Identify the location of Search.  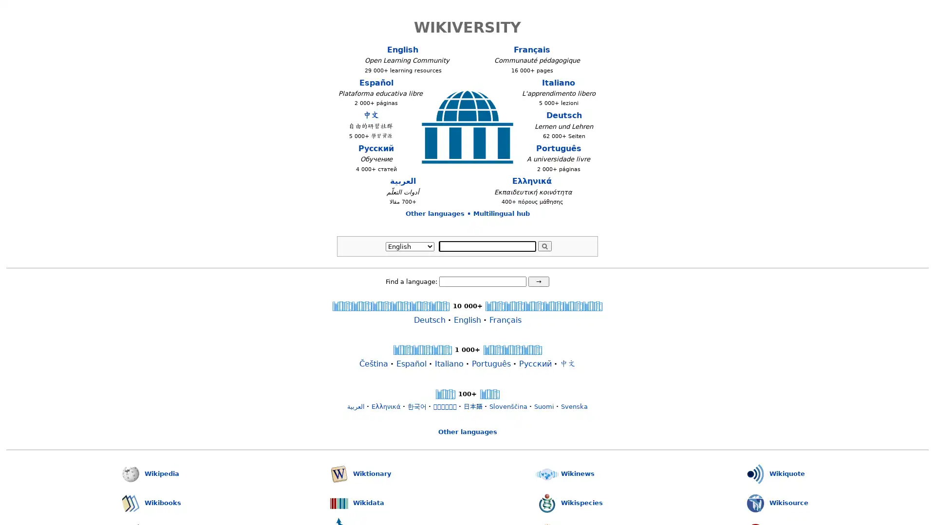
(544, 245).